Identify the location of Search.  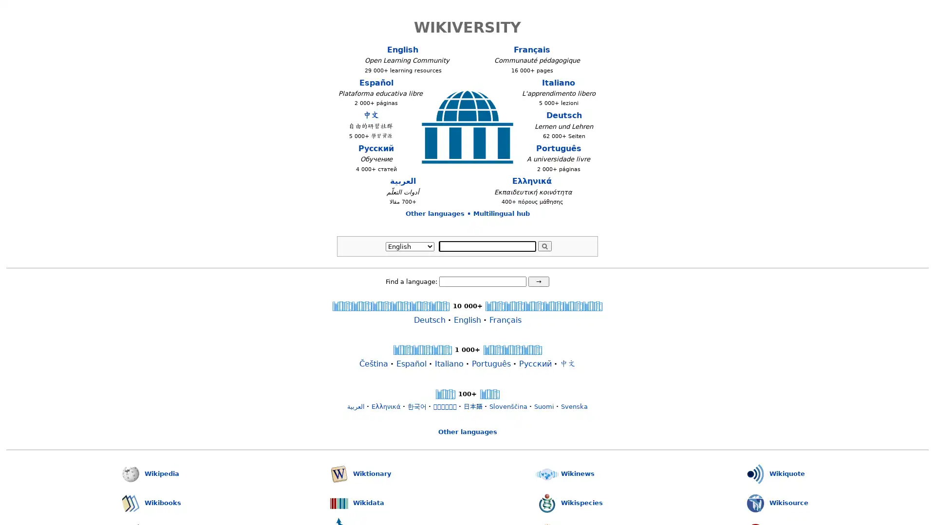
(544, 245).